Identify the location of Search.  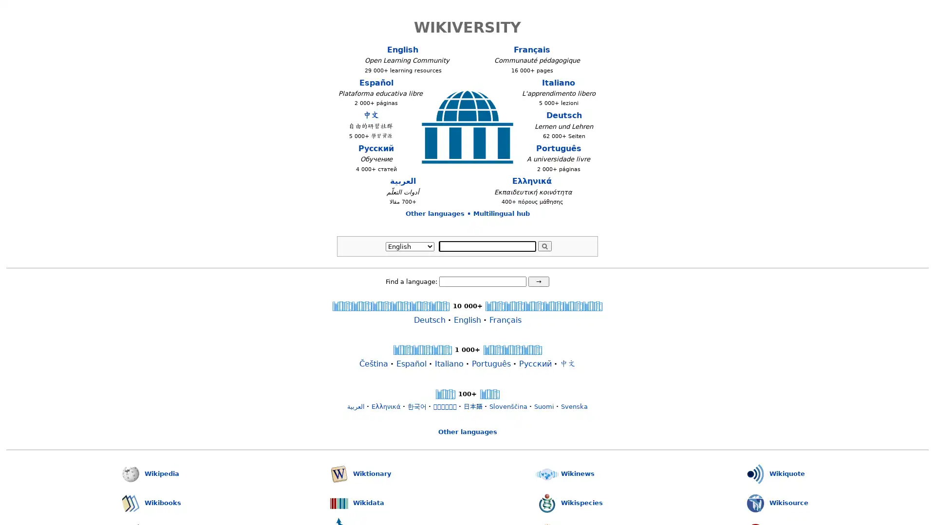
(544, 245).